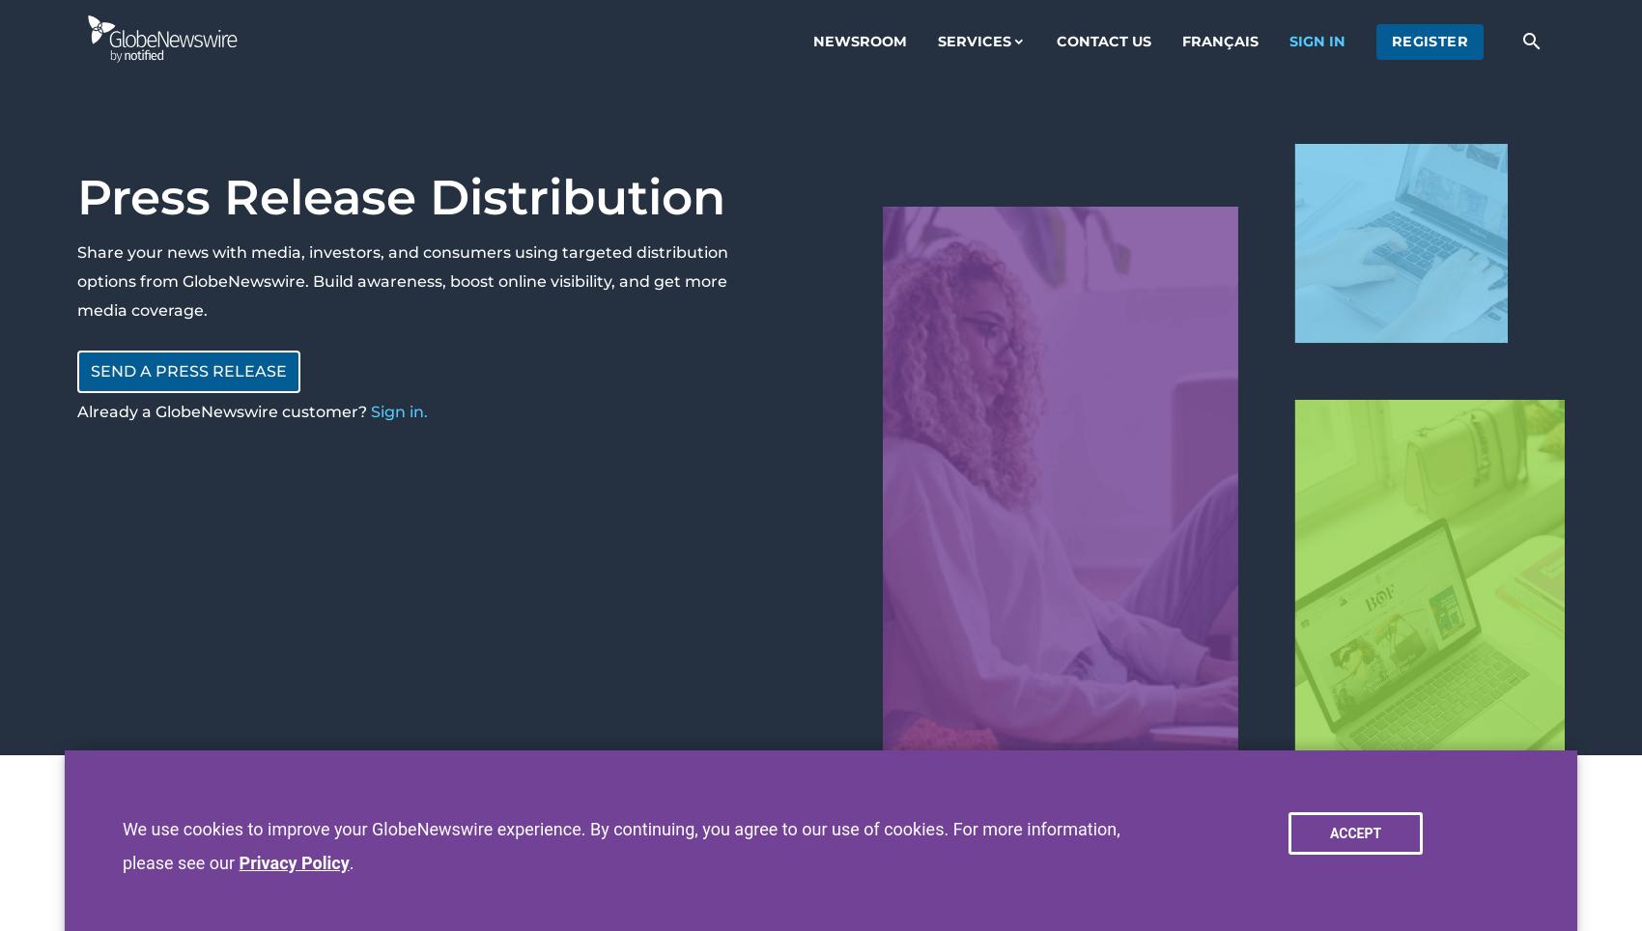 Image resolution: width=1642 pixels, height=931 pixels. What do you see at coordinates (402, 281) in the screenshot?
I see `'Share your news with media, investors, and consumers using targeted distribution options from GlobeNewswire. Build awareness, boost online visibility, and get more media coverage.'` at bounding box center [402, 281].